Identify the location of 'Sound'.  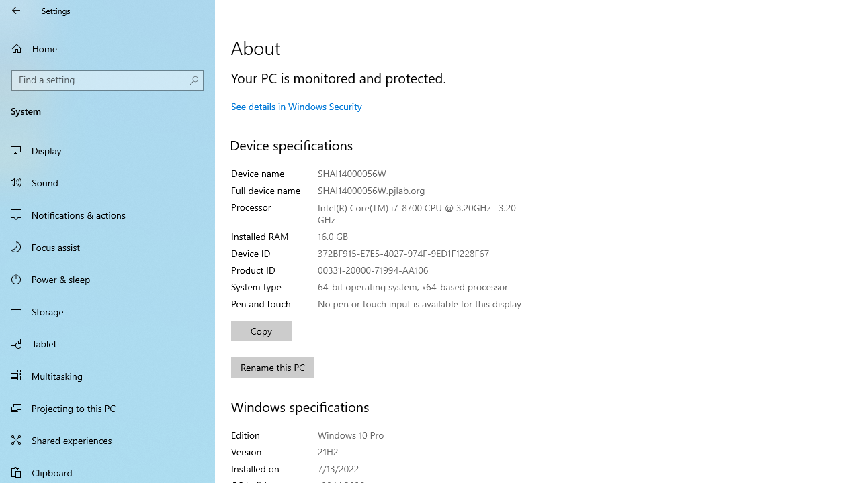
(107, 182).